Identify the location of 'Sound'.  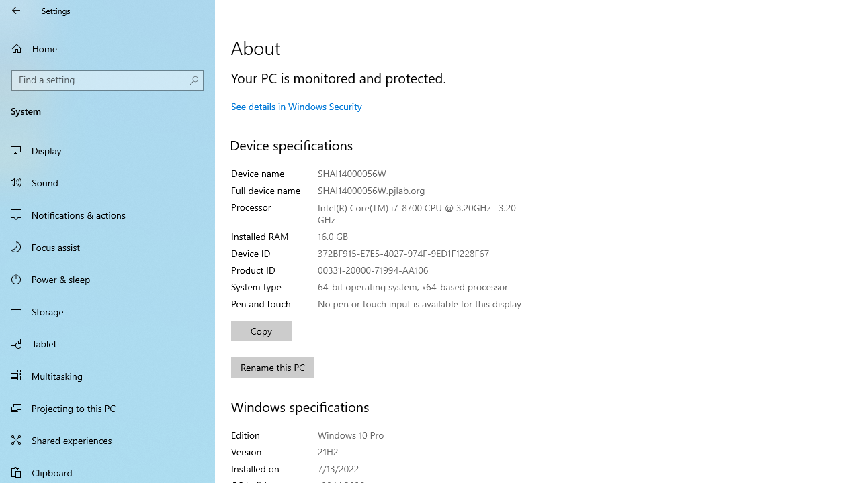
(107, 182).